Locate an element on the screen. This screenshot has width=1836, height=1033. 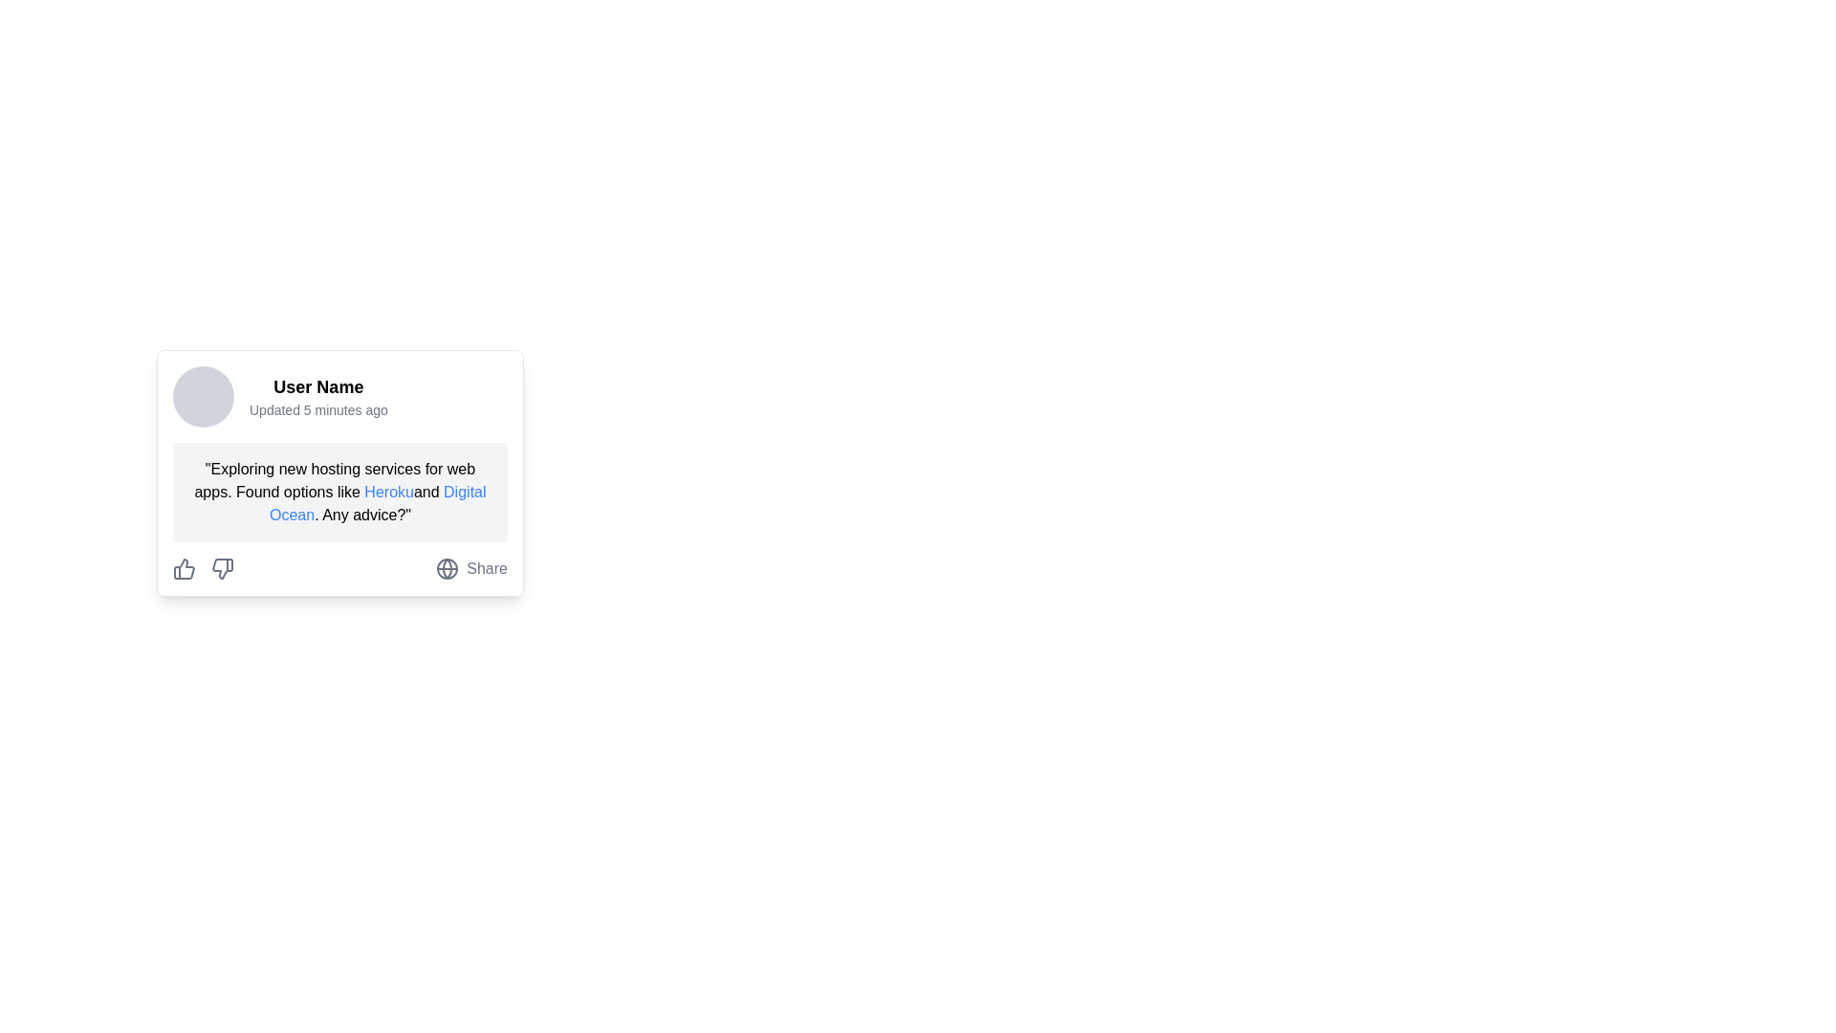
the 'Share' text label, which is styled in gray and turns green on hover, located in the bottom-right corner of the post card next to a globe icon is located at coordinates (487, 567).